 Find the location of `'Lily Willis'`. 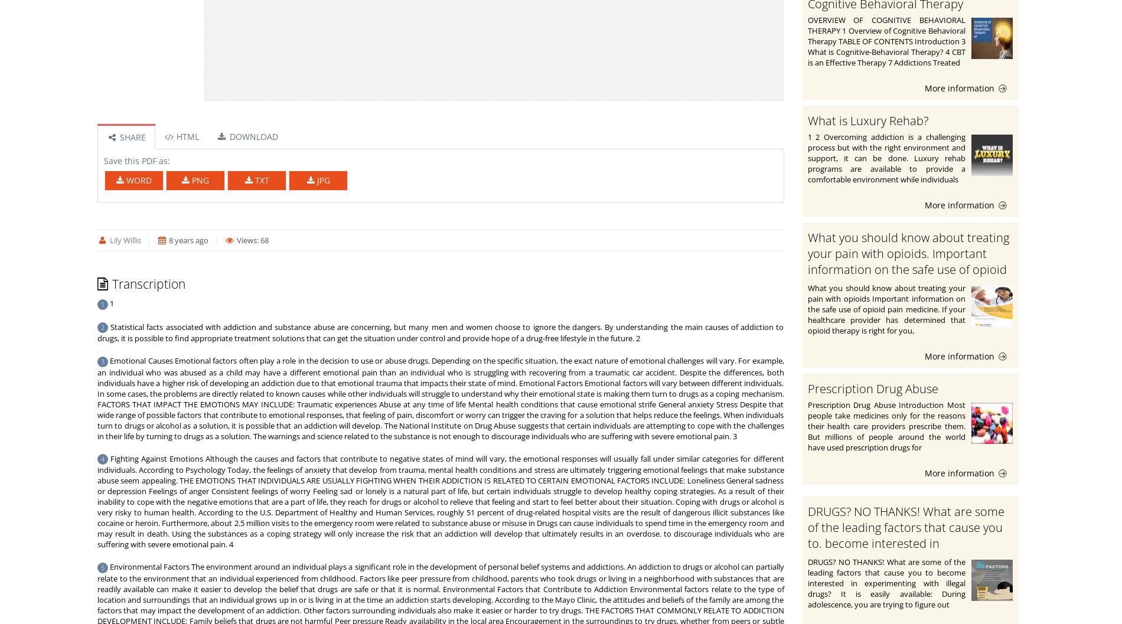

'Lily Willis' is located at coordinates (125, 240).